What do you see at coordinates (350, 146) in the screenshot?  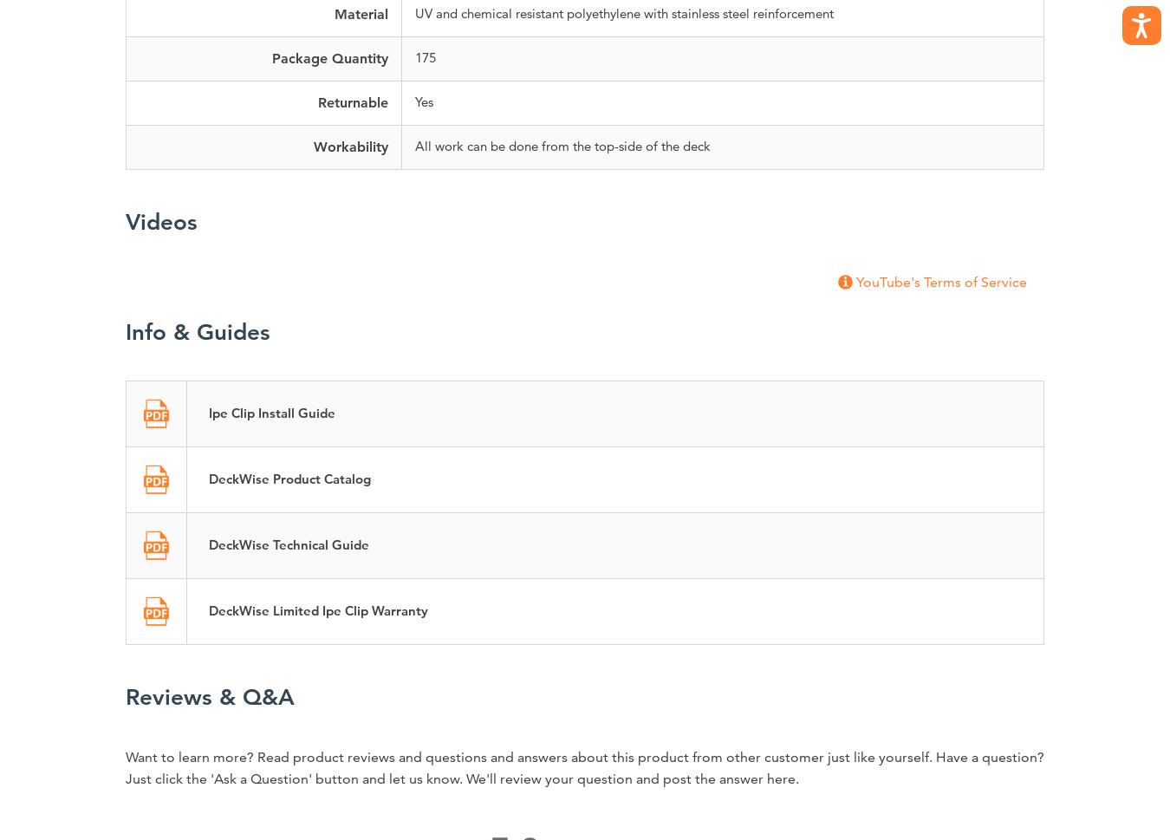 I see `'Workability'` at bounding box center [350, 146].